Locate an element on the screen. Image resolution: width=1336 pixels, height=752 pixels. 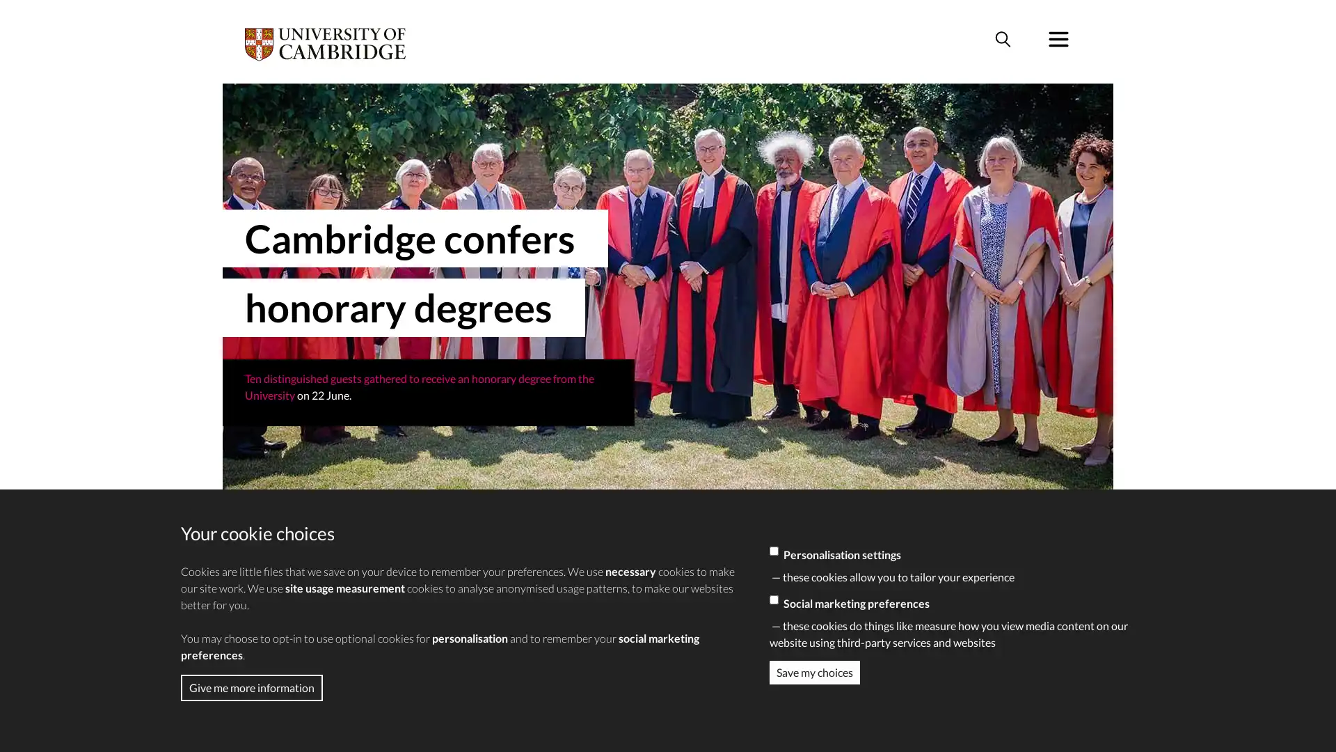
Give me more information is located at coordinates (250, 687).